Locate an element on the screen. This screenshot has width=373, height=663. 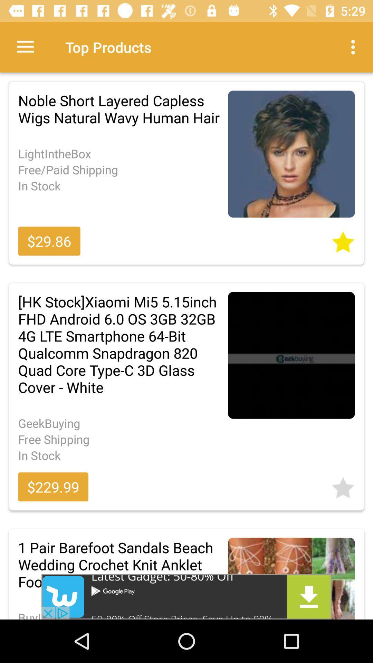
highlight the favorable image is located at coordinates (343, 485).